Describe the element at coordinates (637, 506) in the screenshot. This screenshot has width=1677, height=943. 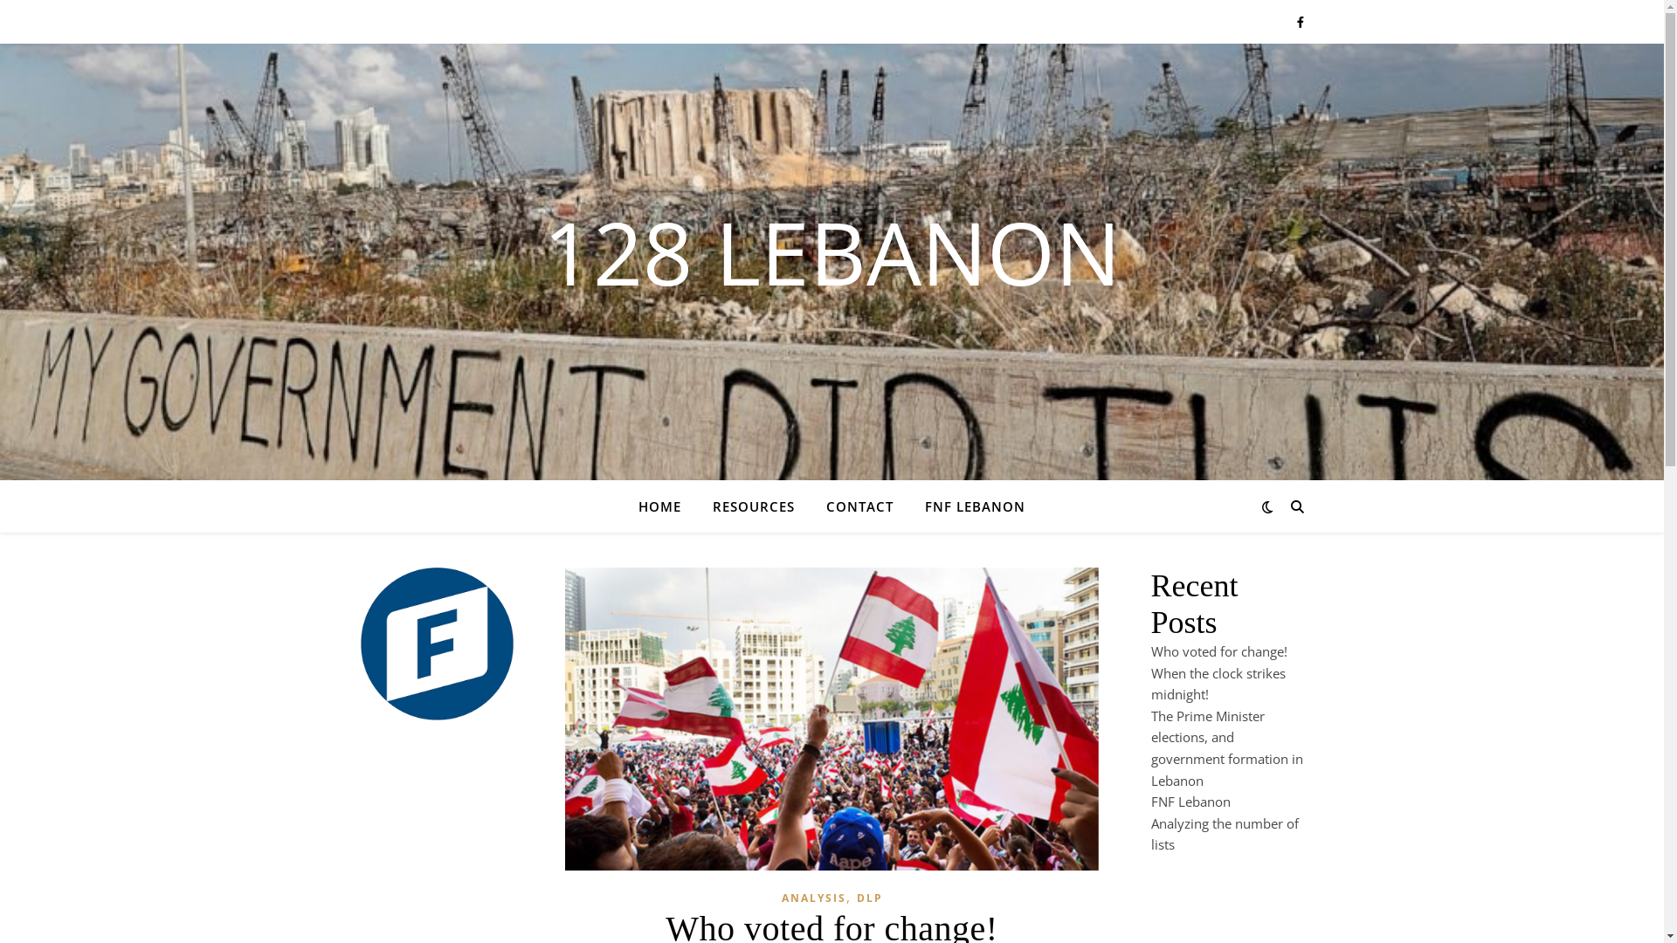
I see `'HOME'` at that location.